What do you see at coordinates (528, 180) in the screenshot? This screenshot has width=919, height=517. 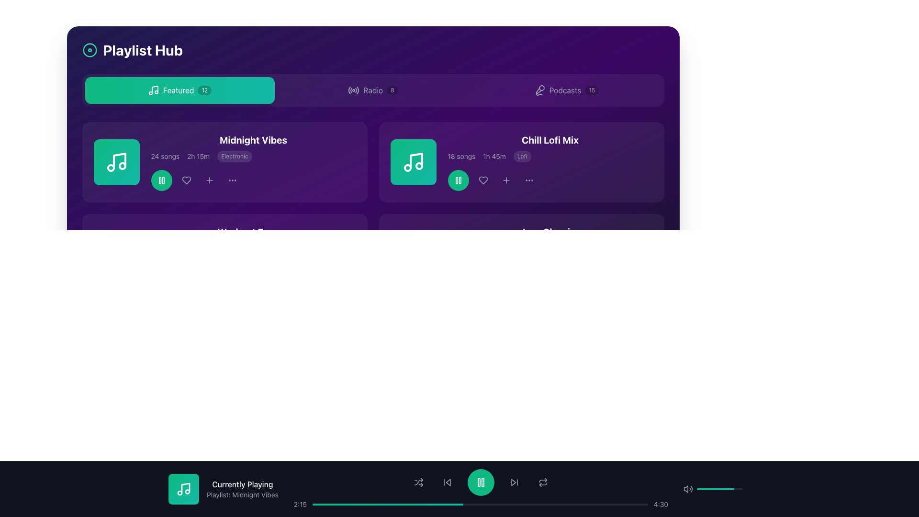 I see `the horizontal ellipsis icon located within the 'Chill Lofi Mix' playlist card` at bounding box center [528, 180].